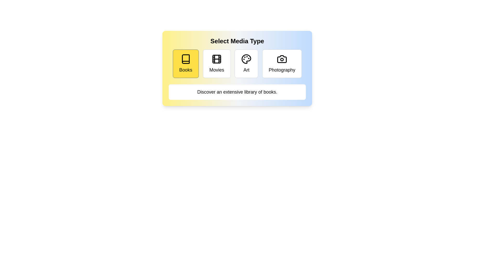 This screenshot has height=280, width=499. What do you see at coordinates (282, 64) in the screenshot?
I see `the media type Photography by clicking the corresponding button` at bounding box center [282, 64].